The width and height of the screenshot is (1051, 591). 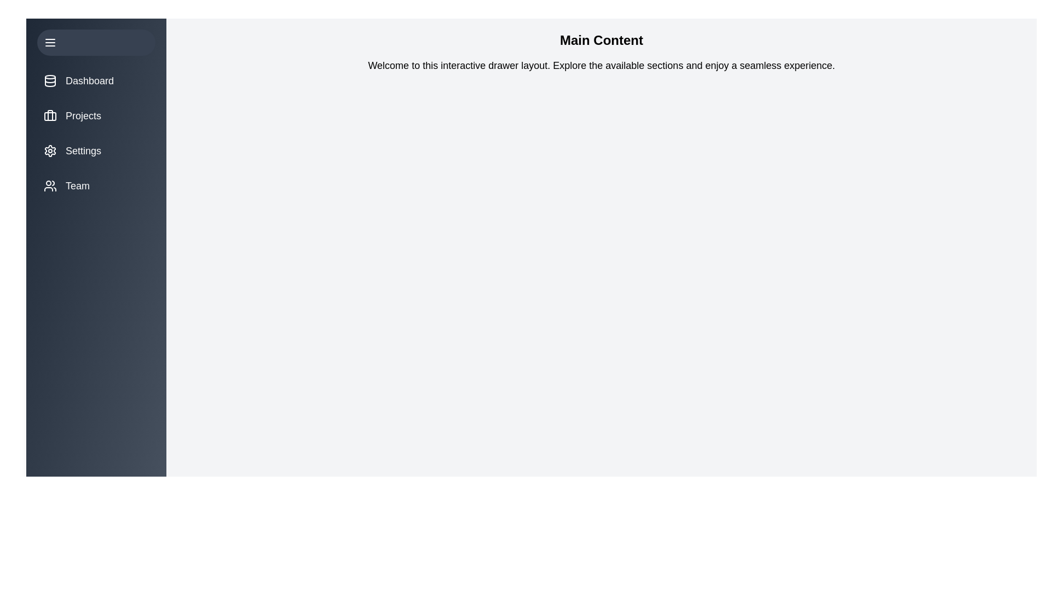 I want to click on the menu item Projects to view its hover effect, so click(x=96, y=116).